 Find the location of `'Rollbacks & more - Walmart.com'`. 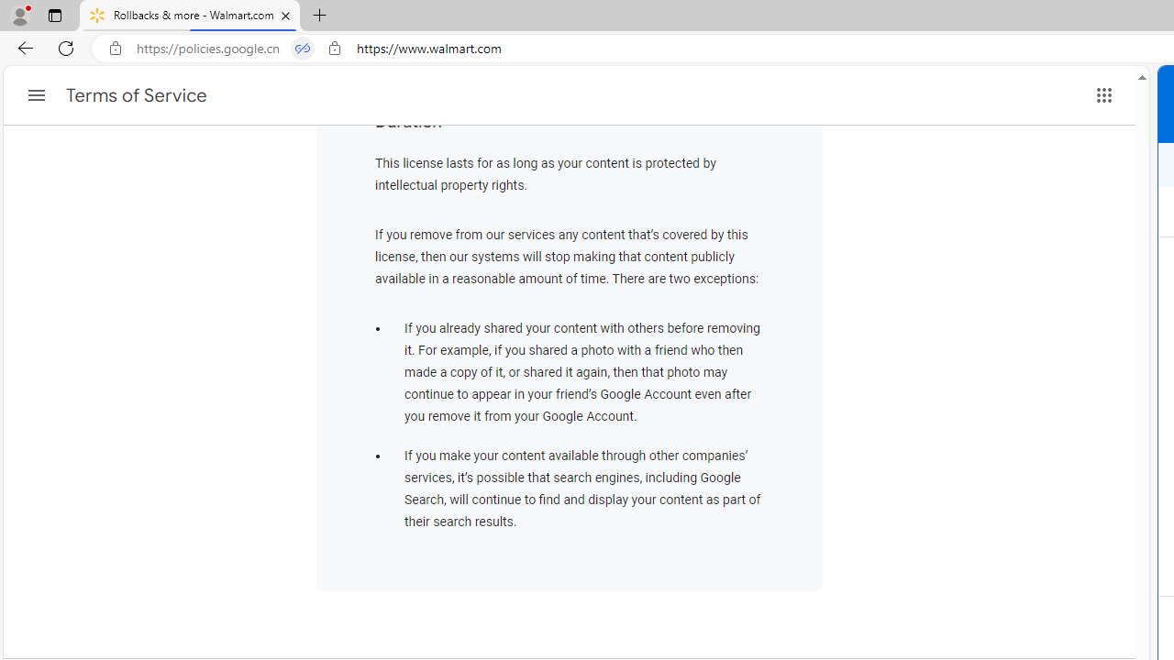

'Rollbacks & more - Walmart.com' is located at coordinates (190, 16).